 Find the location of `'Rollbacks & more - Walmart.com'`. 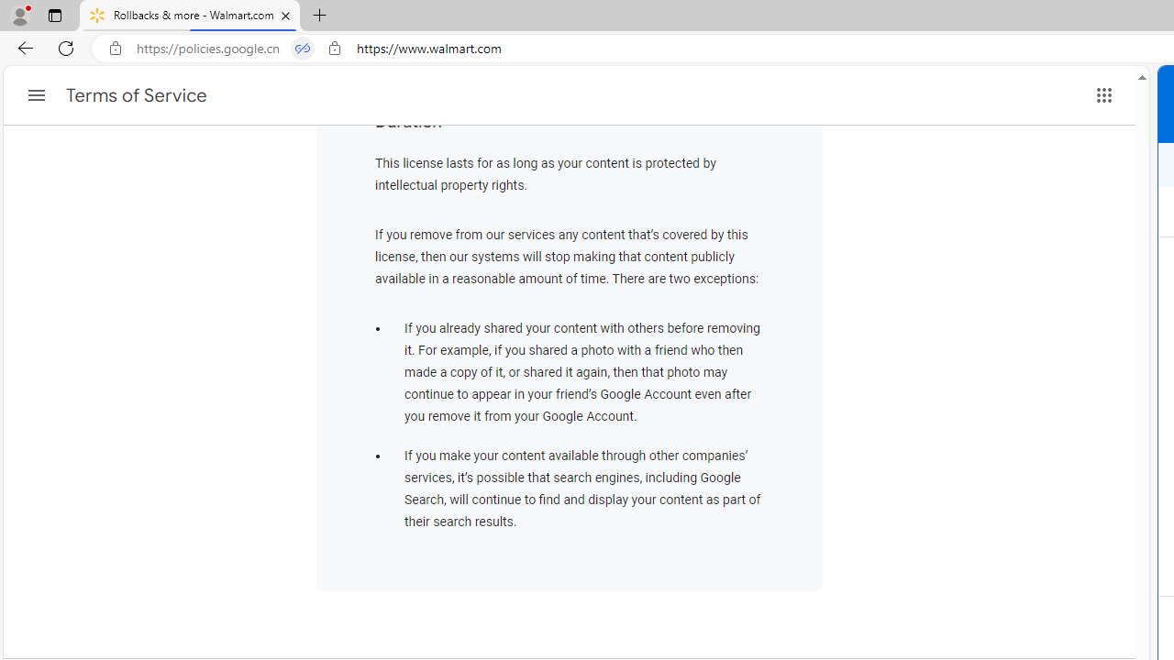

'Rollbacks & more - Walmart.com' is located at coordinates (190, 16).